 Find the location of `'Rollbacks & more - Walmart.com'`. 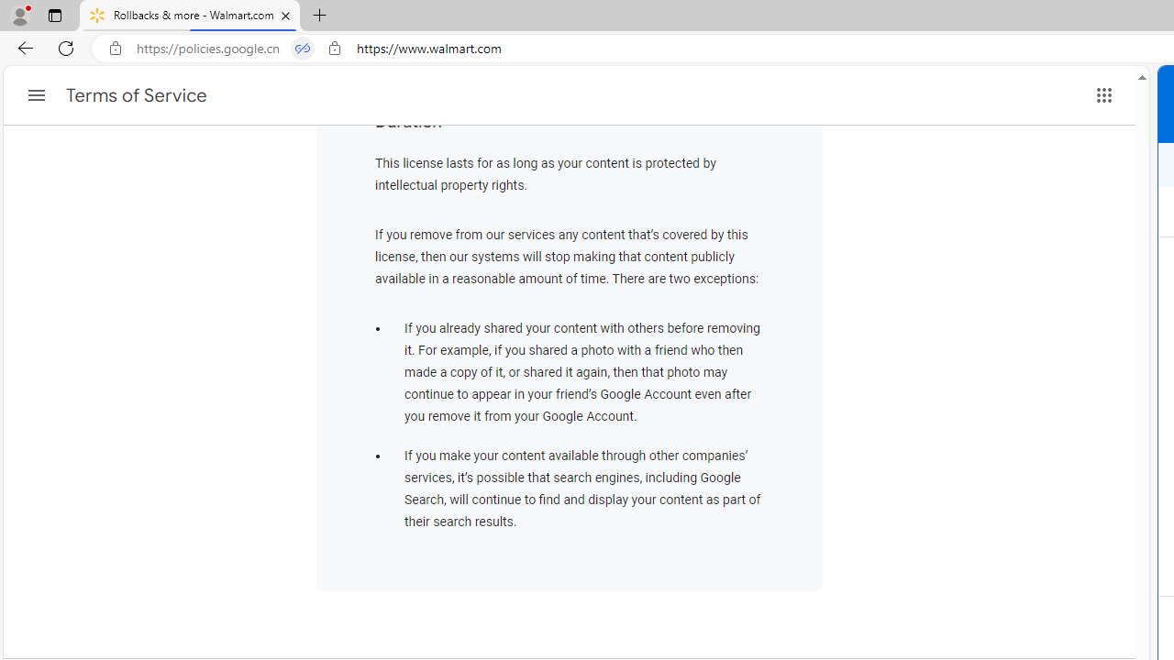

'Rollbacks & more - Walmart.com' is located at coordinates (190, 16).